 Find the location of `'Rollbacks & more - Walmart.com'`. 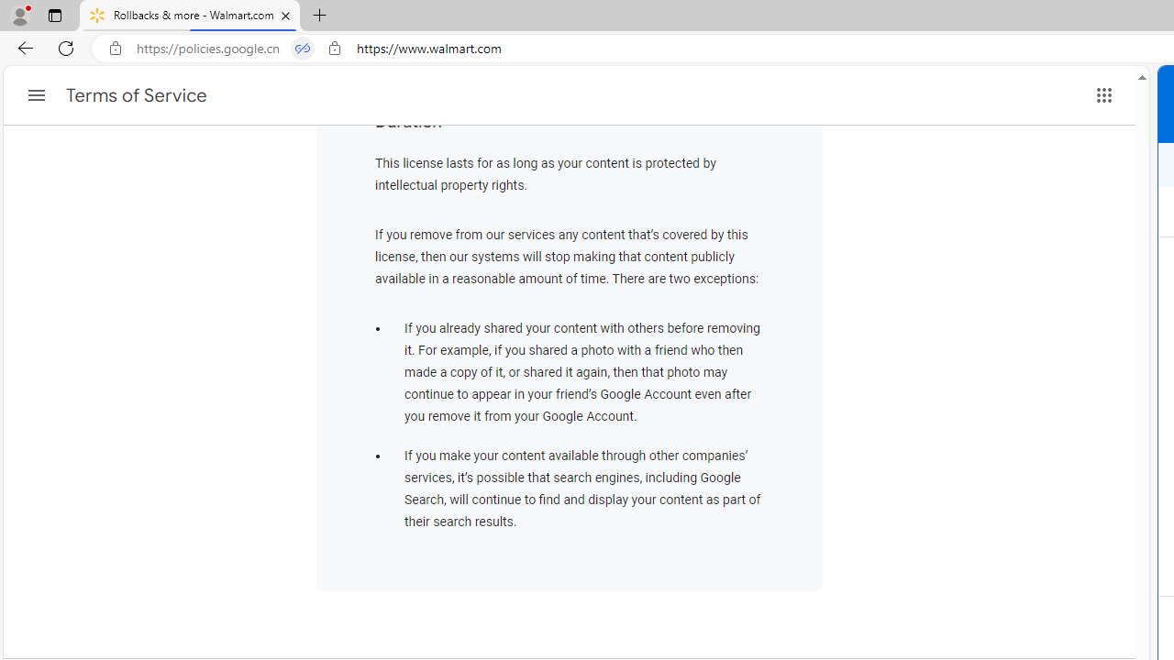

'Rollbacks & more - Walmart.com' is located at coordinates (190, 16).